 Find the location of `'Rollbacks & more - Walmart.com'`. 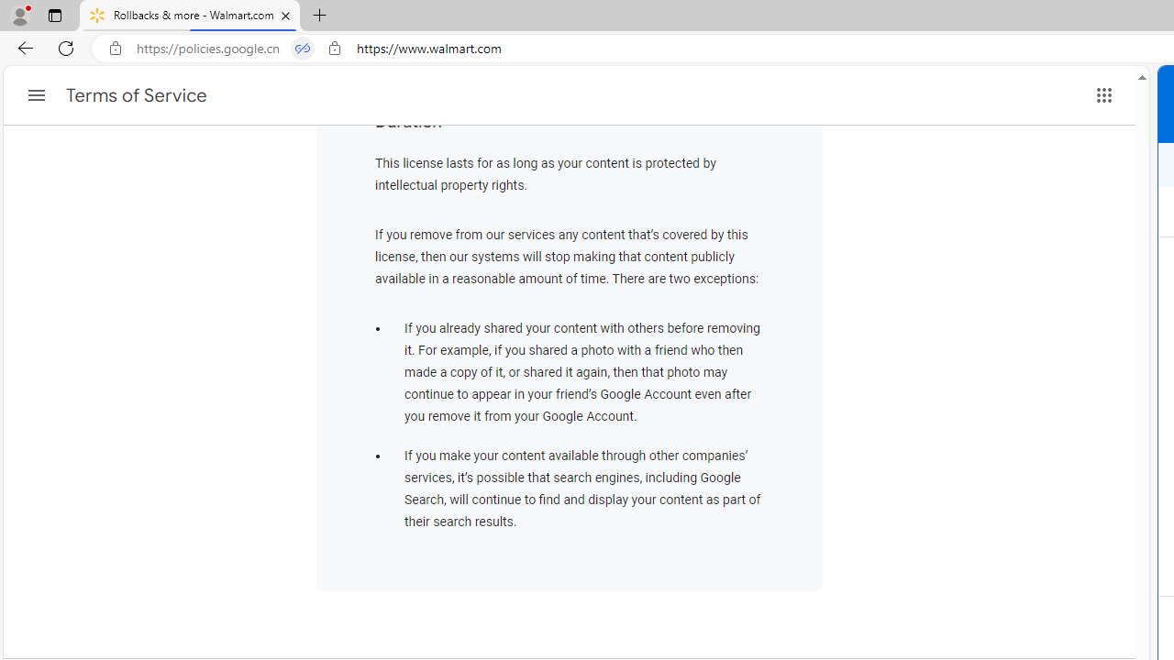

'Rollbacks & more - Walmart.com' is located at coordinates (190, 16).